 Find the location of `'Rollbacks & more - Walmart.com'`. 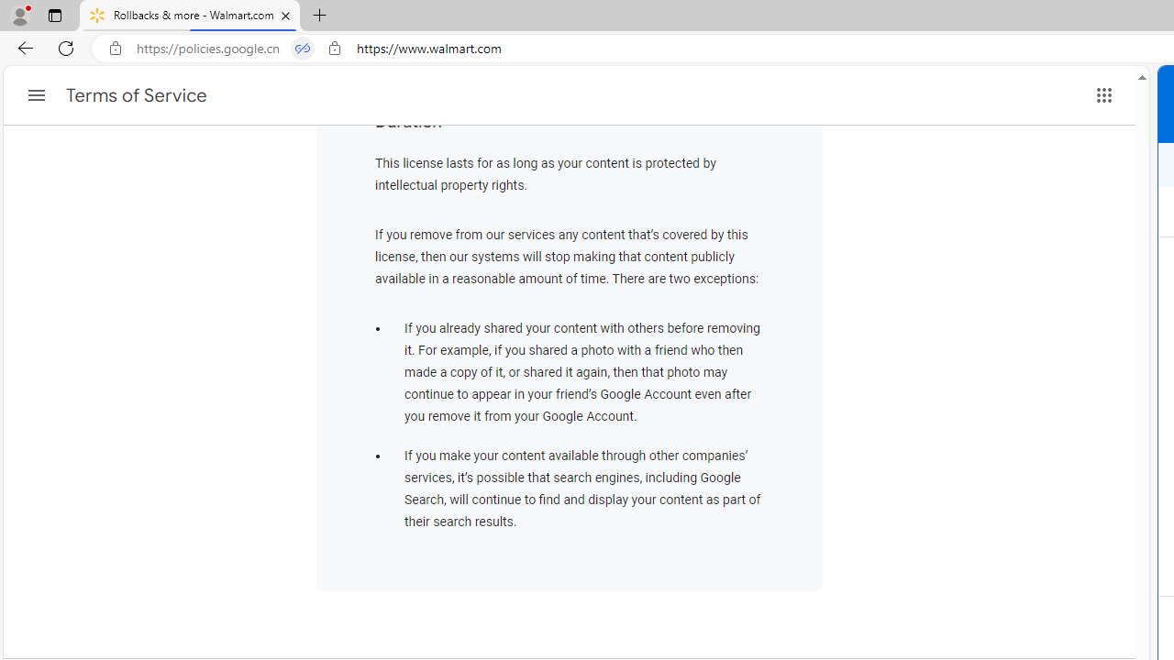

'Rollbacks & more - Walmart.com' is located at coordinates (190, 16).